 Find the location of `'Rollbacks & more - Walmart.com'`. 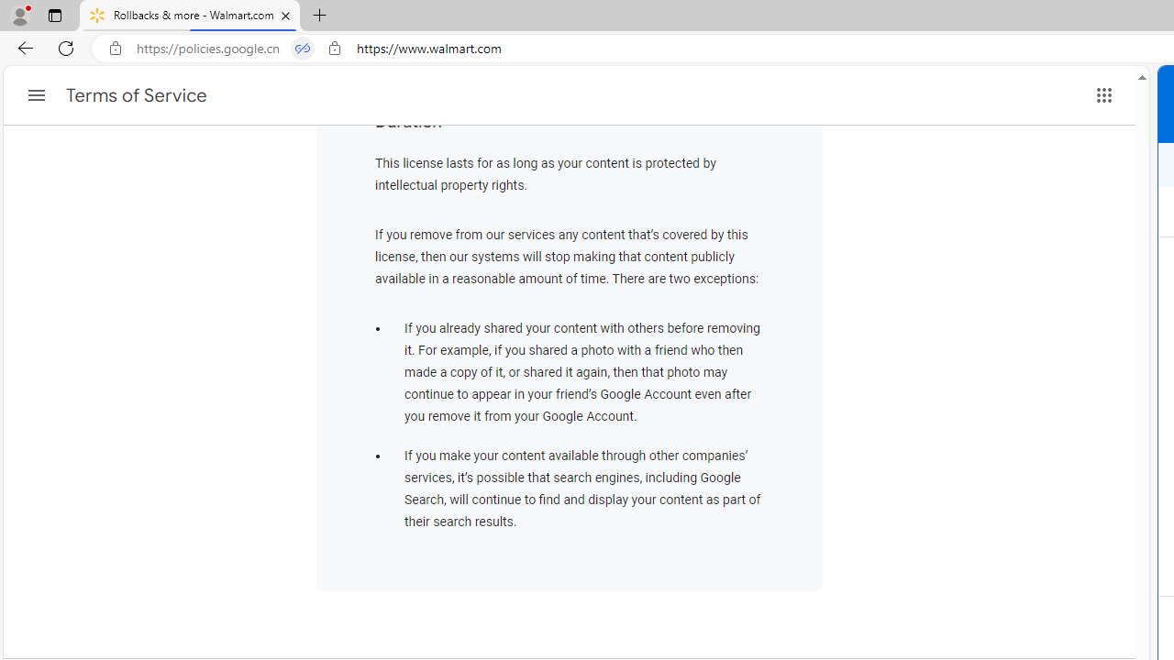

'Rollbacks & more - Walmart.com' is located at coordinates (190, 16).